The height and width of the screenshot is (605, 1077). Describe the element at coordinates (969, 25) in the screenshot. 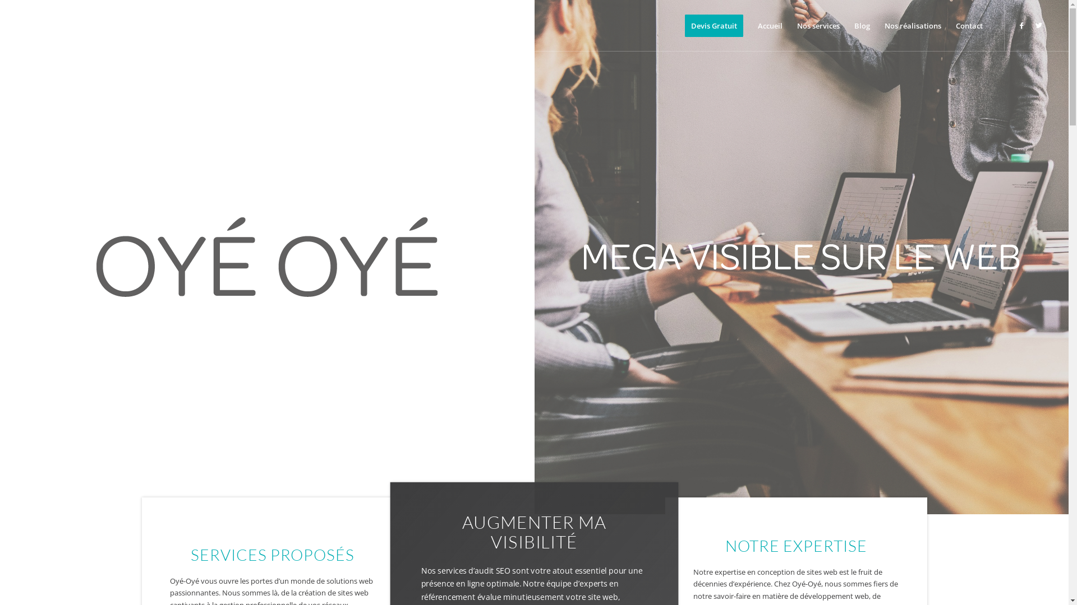

I see `'Contact'` at that location.